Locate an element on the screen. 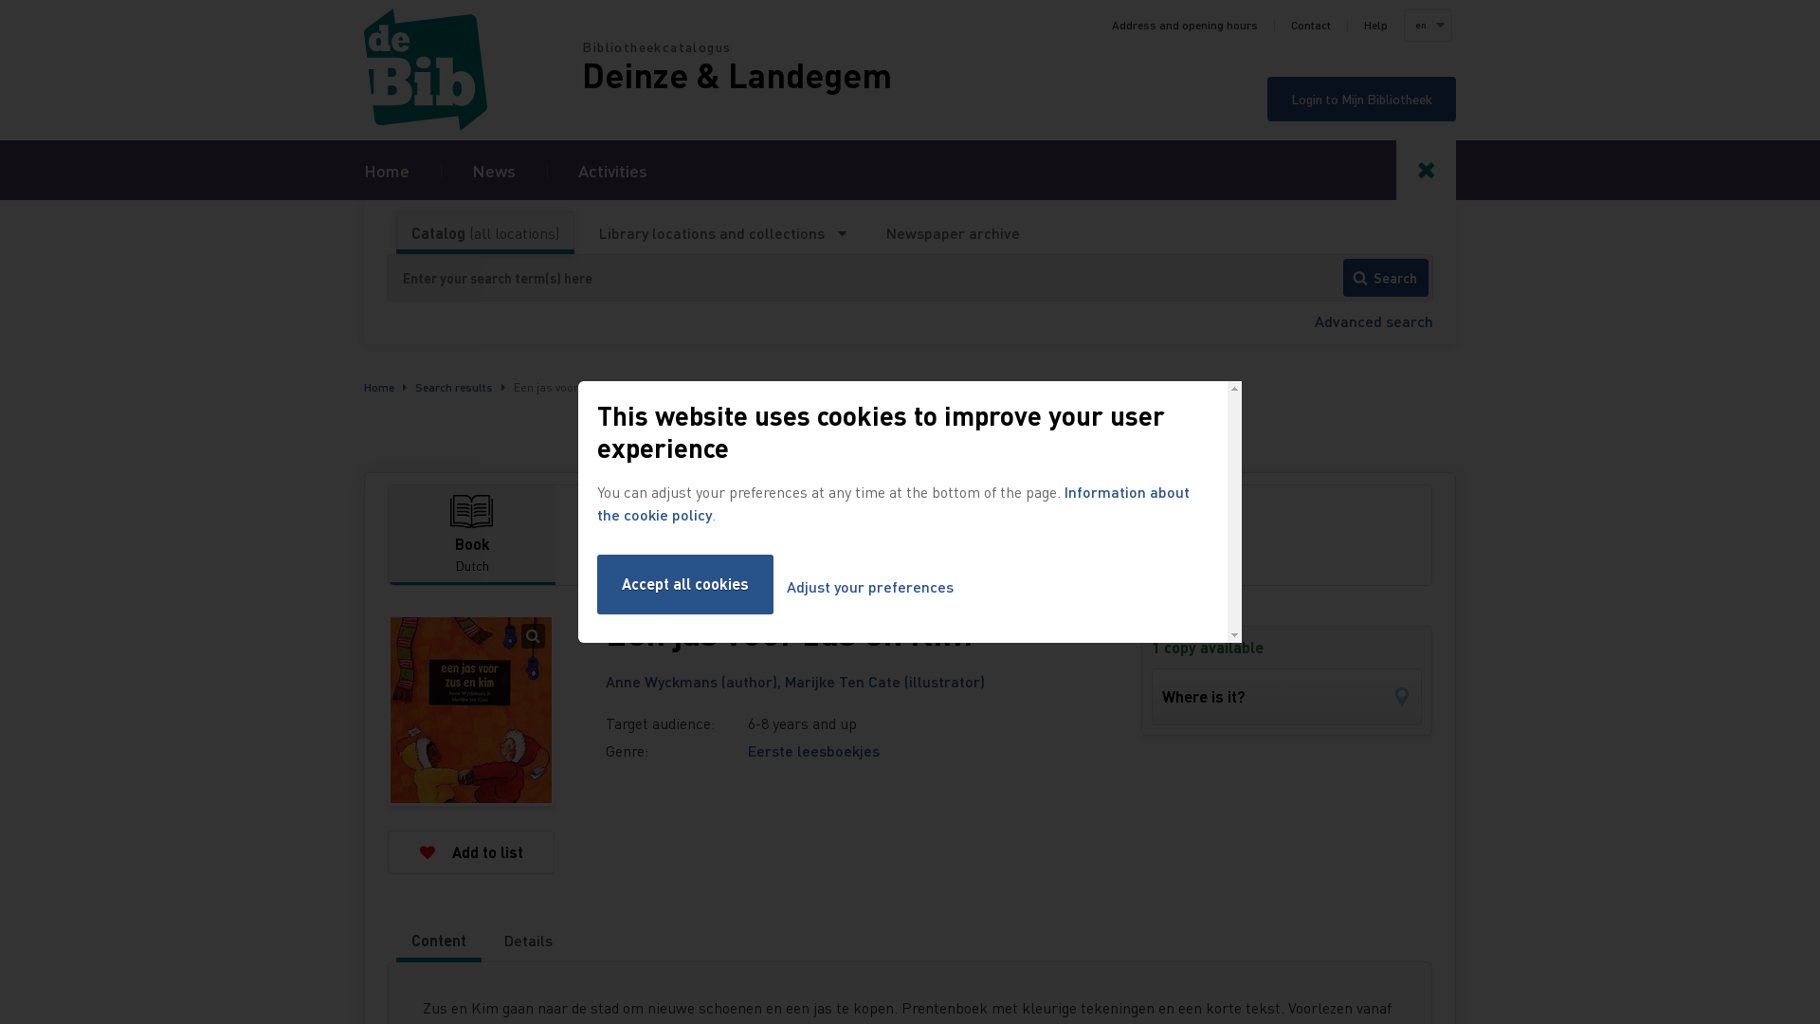  'Library locations and collections' is located at coordinates (721, 232).